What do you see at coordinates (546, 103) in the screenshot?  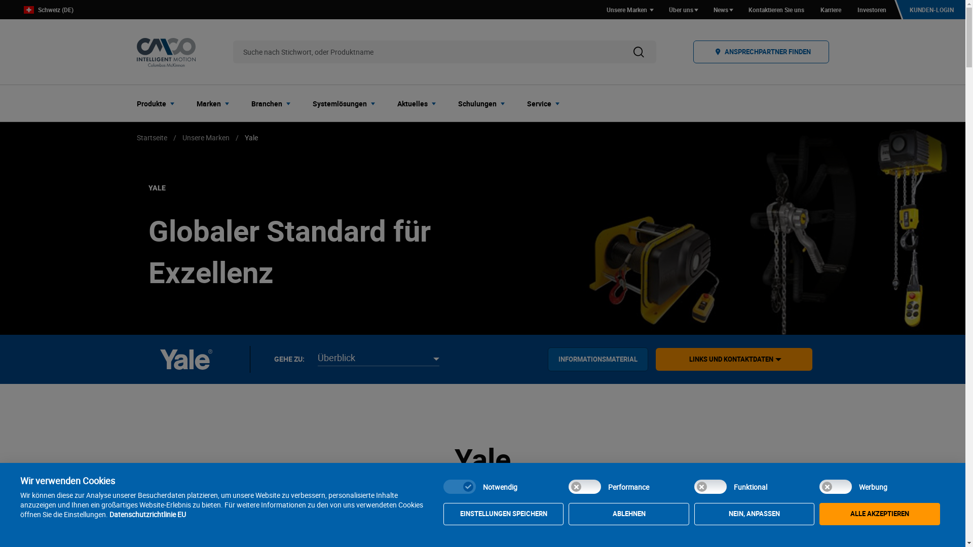 I see `'Service'` at bounding box center [546, 103].